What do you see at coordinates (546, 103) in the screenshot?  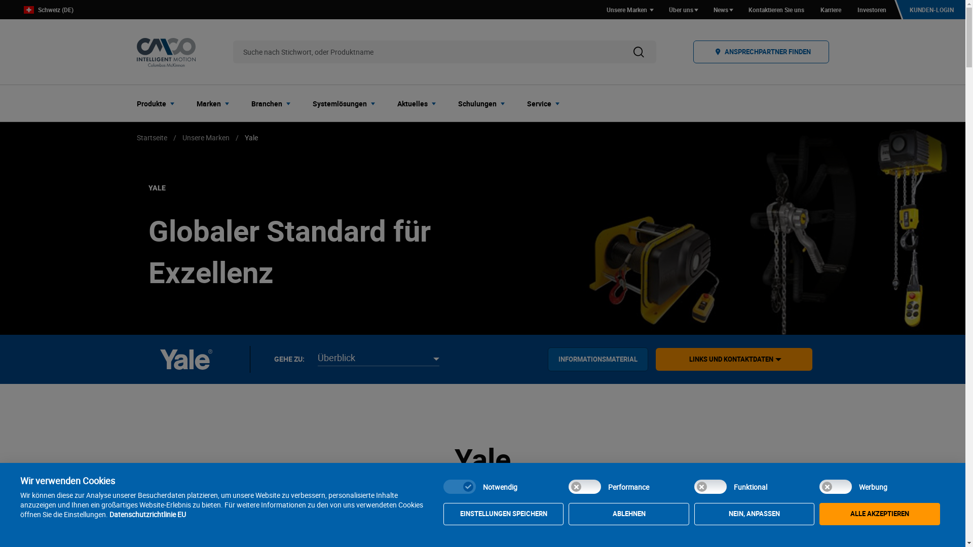 I see `'Service'` at bounding box center [546, 103].